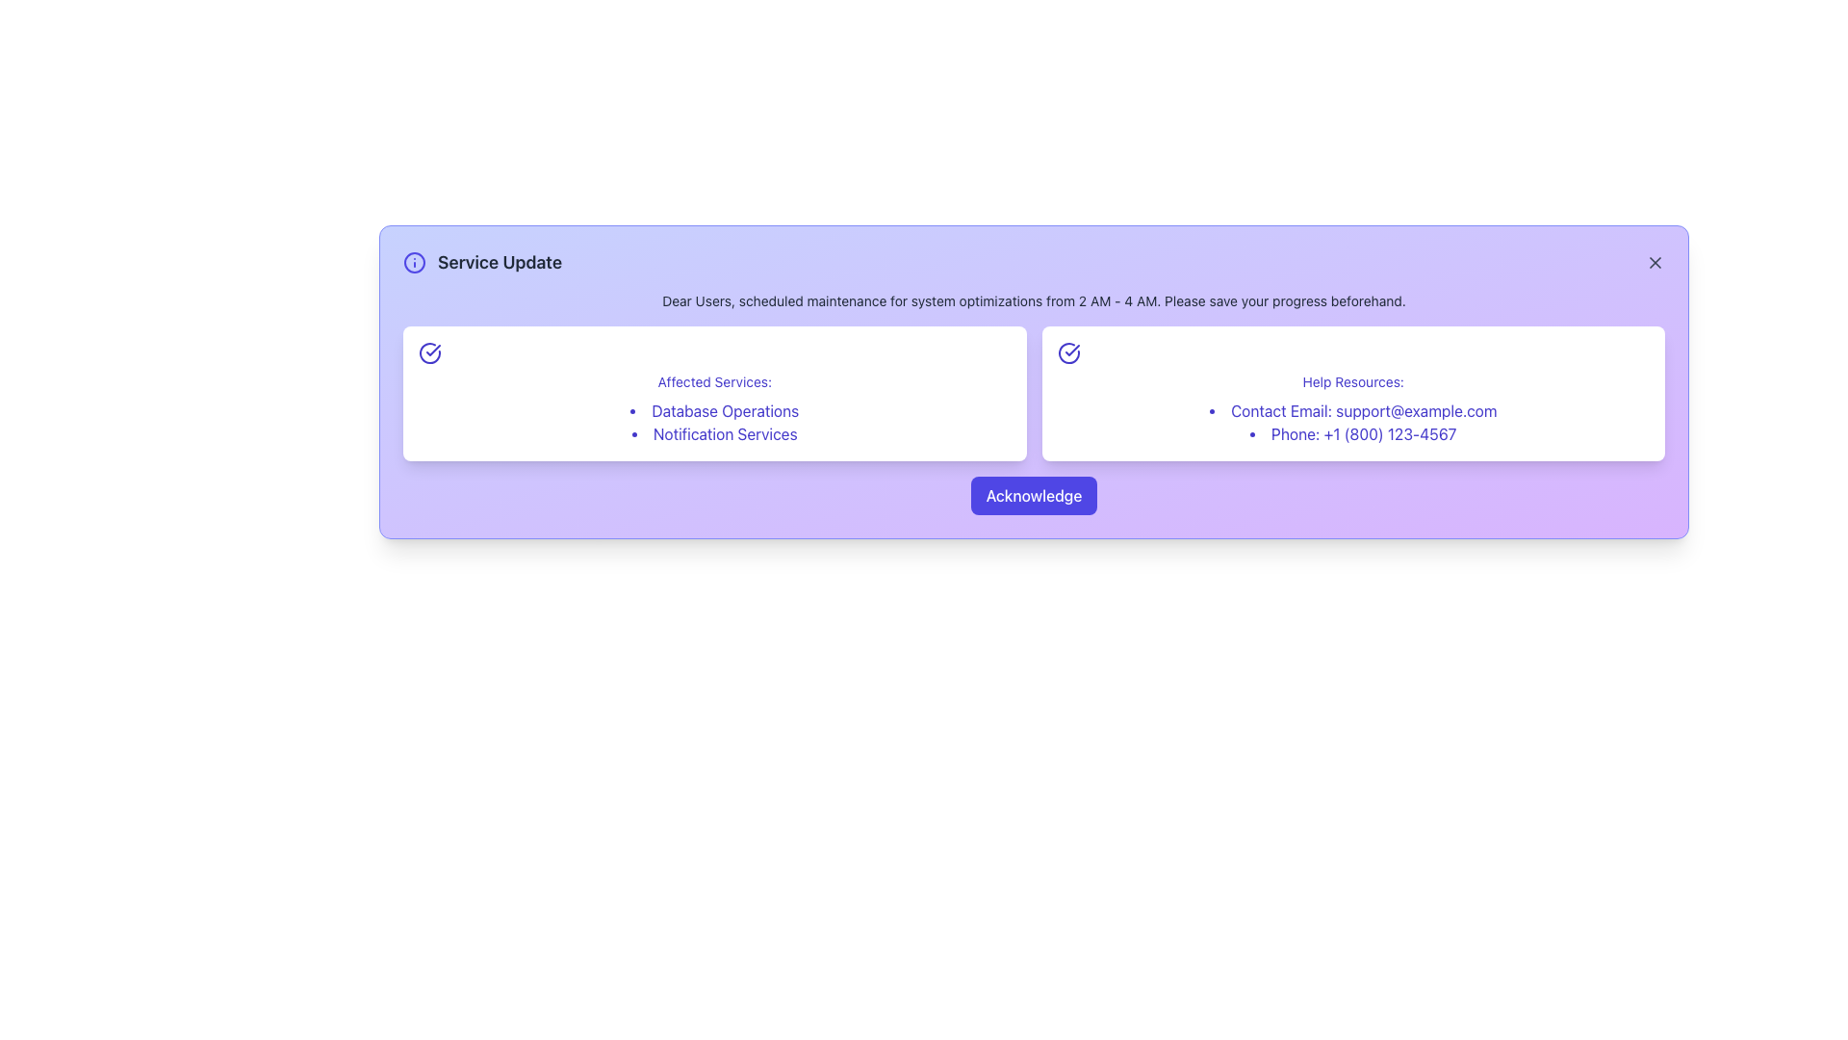  What do you see at coordinates (1352, 382) in the screenshot?
I see `the text label indicating the purpose or category of the information in the upper section of the right panel of the dialog box` at bounding box center [1352, 382].